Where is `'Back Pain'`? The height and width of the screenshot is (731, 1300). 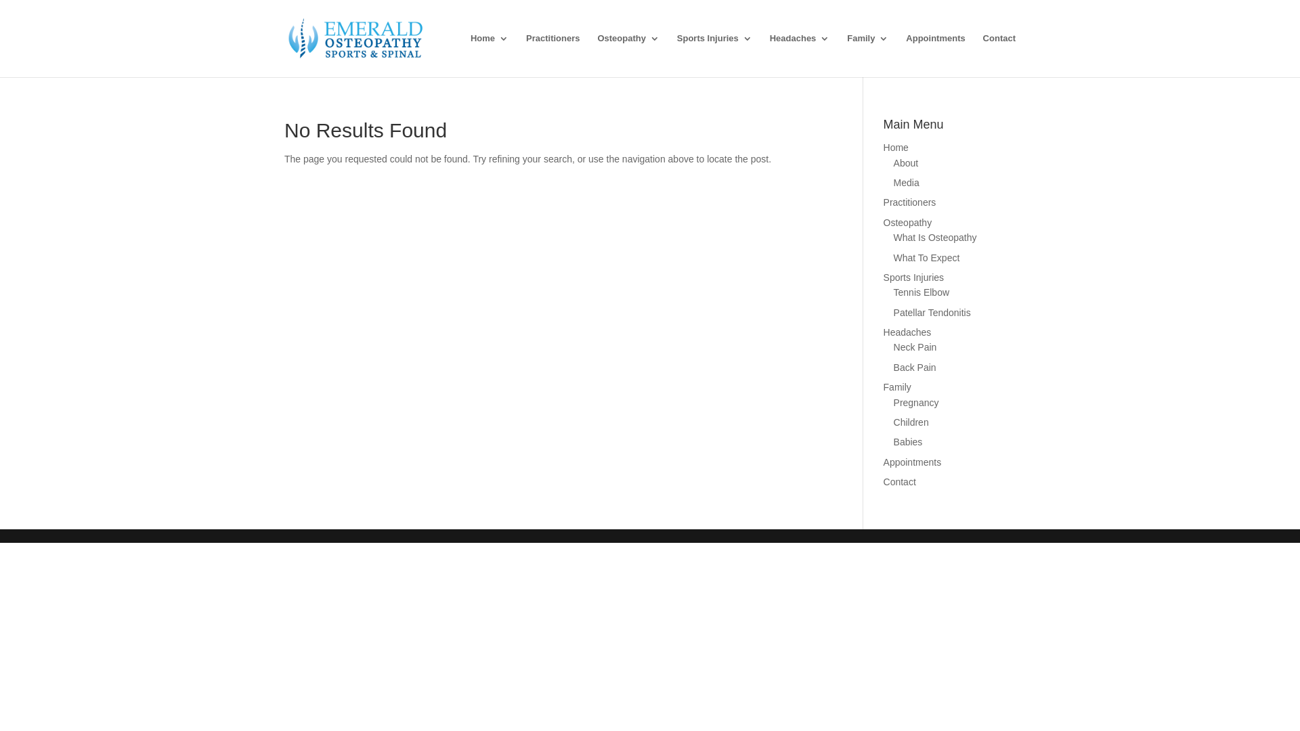
'Back Pain' is located at coordinates (915, 368).